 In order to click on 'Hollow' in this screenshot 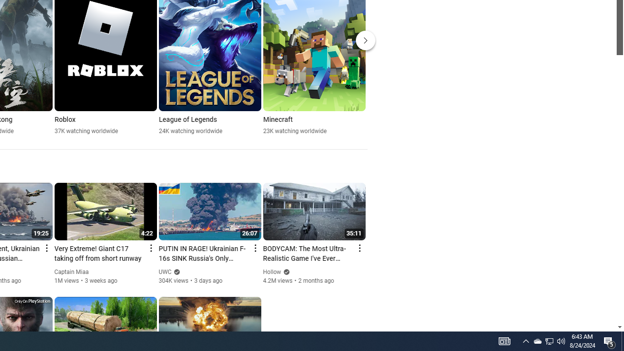, I will do `click(272, 272)`.